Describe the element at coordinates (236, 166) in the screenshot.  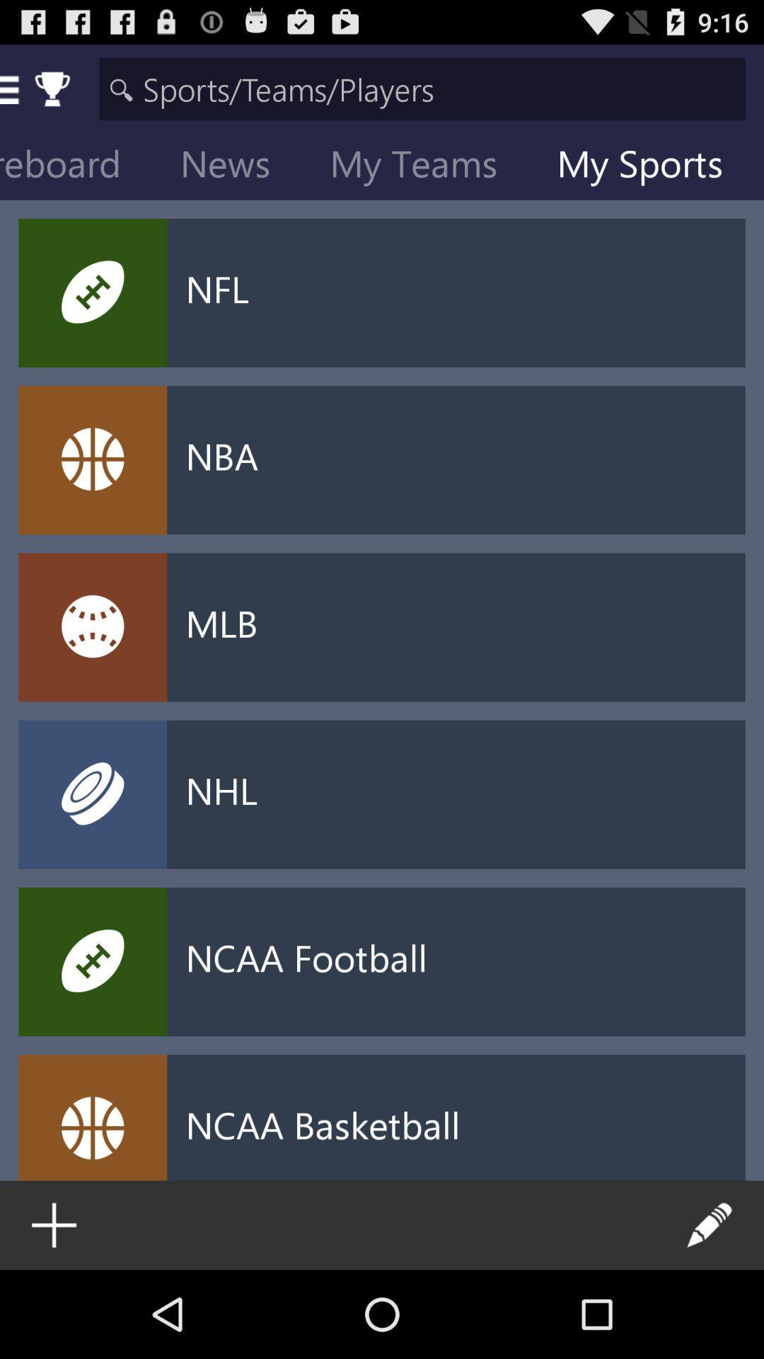
I see `the item next to the my teams item` at that location.